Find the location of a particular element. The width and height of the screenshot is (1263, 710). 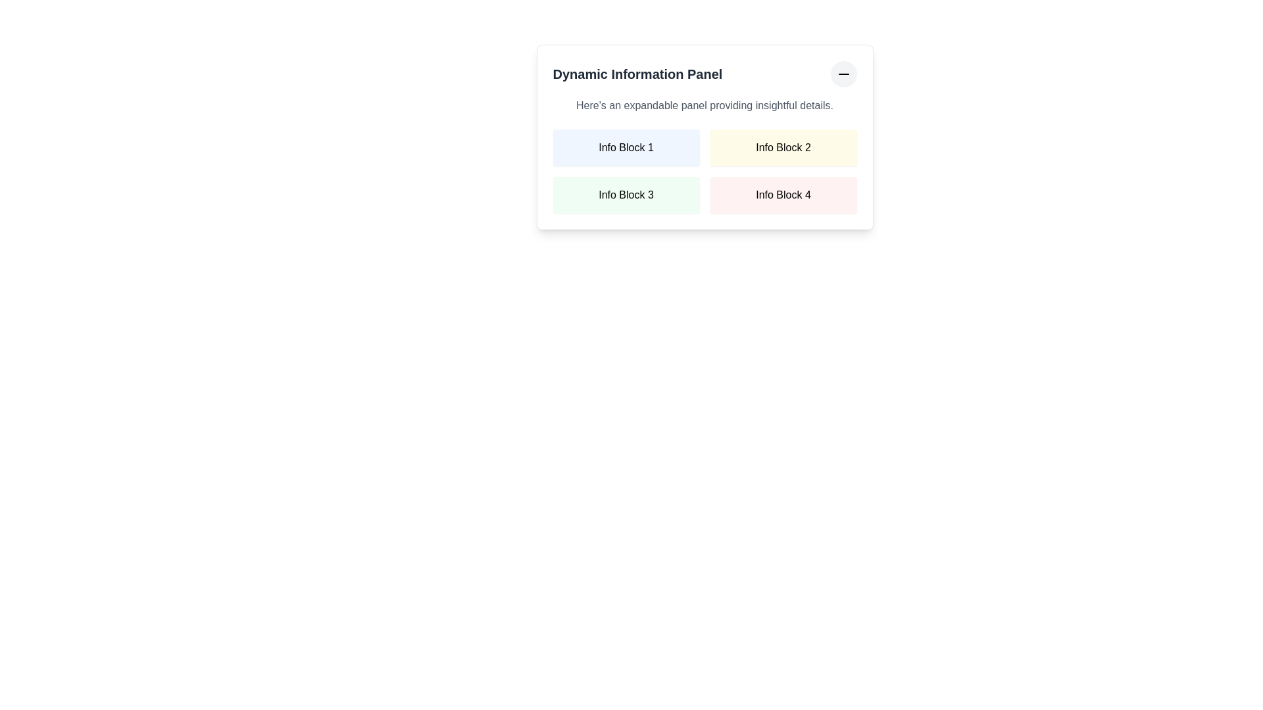

the minus icon on the header with a collapsible button is located at coordinates (704, 74).